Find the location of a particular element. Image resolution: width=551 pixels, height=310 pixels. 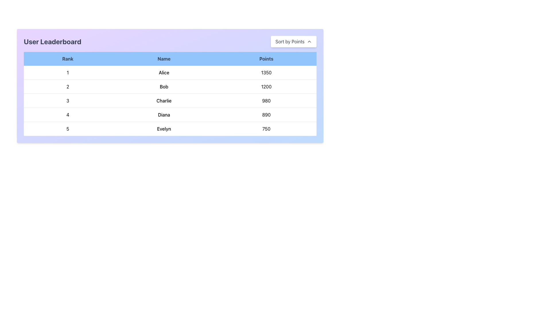

the second row in the leaderboard table that shows the rank '2', name 'Bob', and points '1200' is located at coordinates (170, 86).